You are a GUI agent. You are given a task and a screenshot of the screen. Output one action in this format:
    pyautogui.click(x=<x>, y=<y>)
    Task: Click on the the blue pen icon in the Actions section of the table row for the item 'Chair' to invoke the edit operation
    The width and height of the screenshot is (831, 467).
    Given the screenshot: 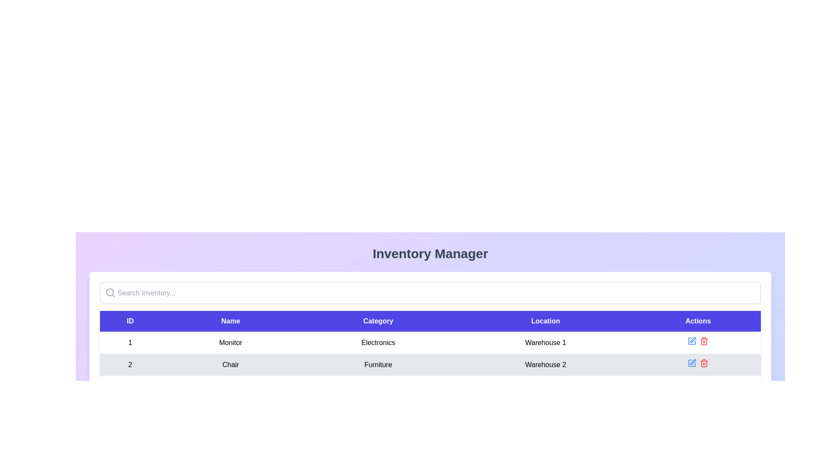 What is the action you would take?
    pyautogui.click(x=691, y=363)
    